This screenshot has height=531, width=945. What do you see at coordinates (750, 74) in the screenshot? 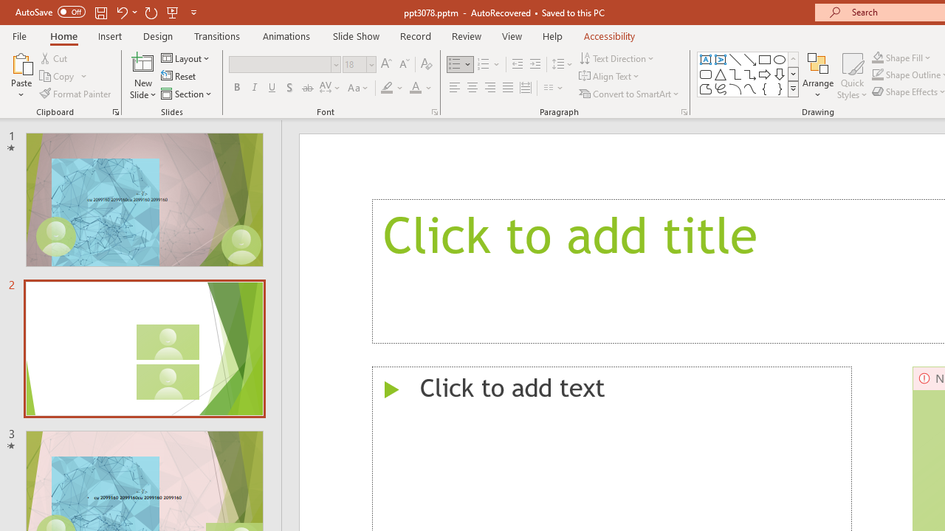
I see `'Connector: Elbow Arrow'` at bounding box center [750, 74].